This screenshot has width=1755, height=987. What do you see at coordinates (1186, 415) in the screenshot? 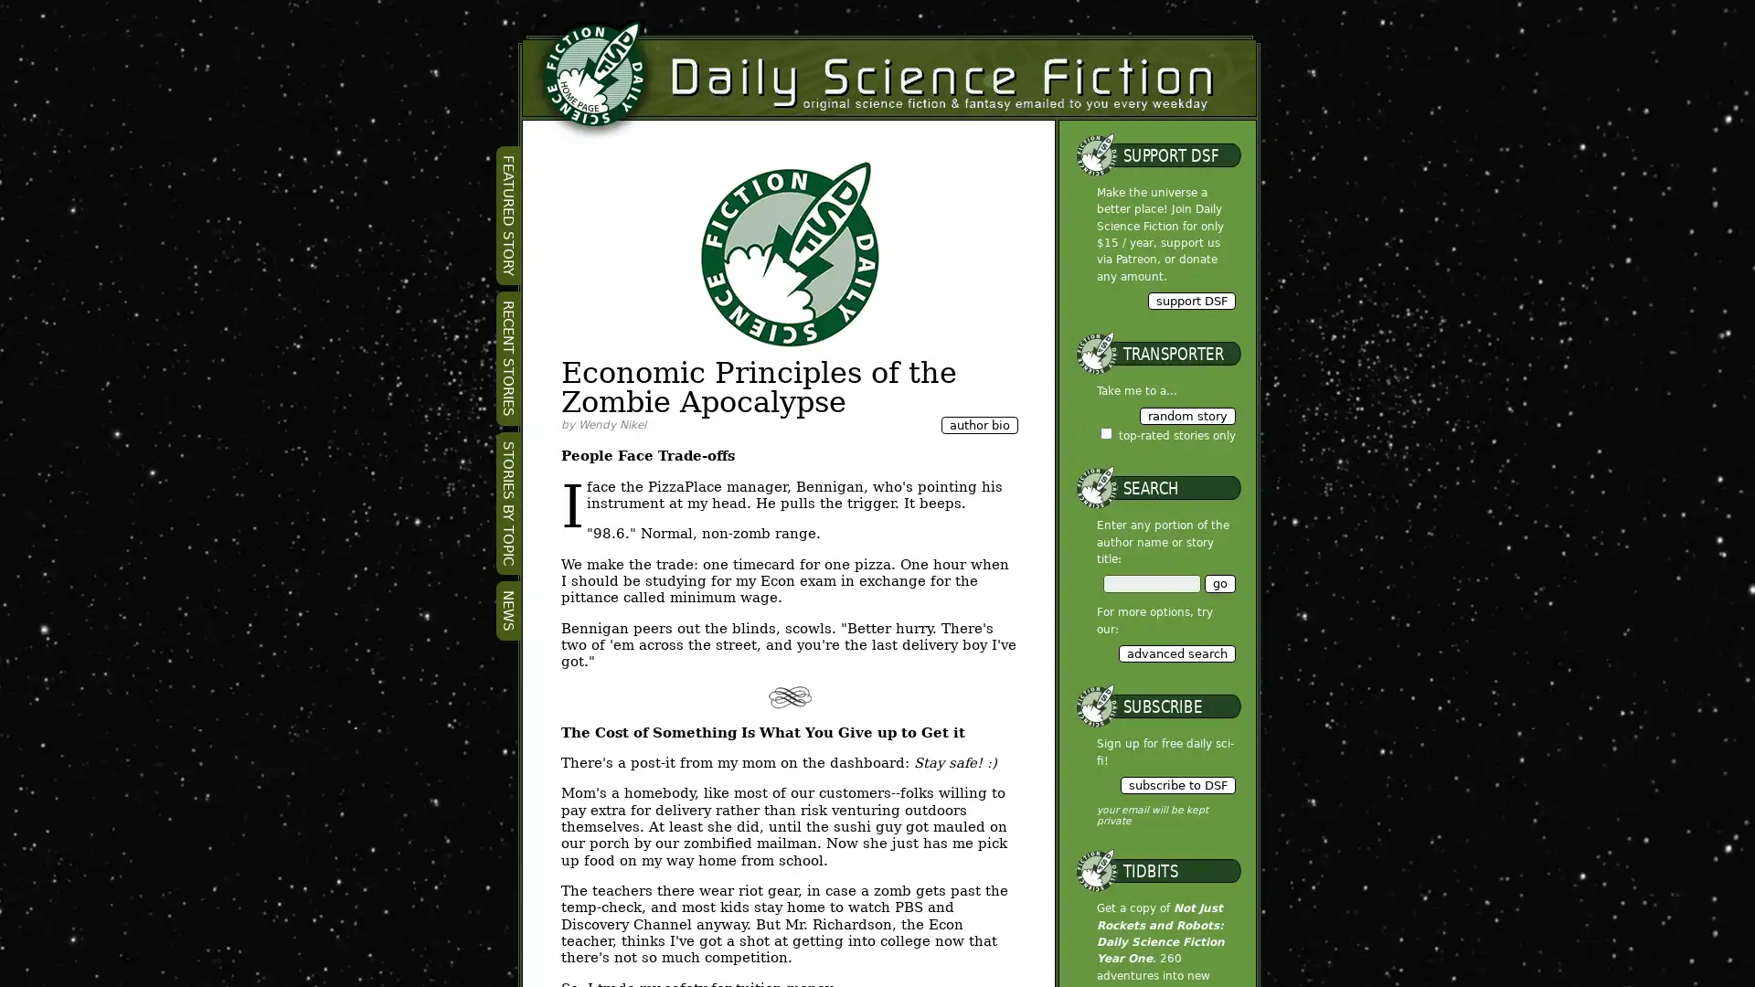
I see `random story` at bounding box center [1186, 415].